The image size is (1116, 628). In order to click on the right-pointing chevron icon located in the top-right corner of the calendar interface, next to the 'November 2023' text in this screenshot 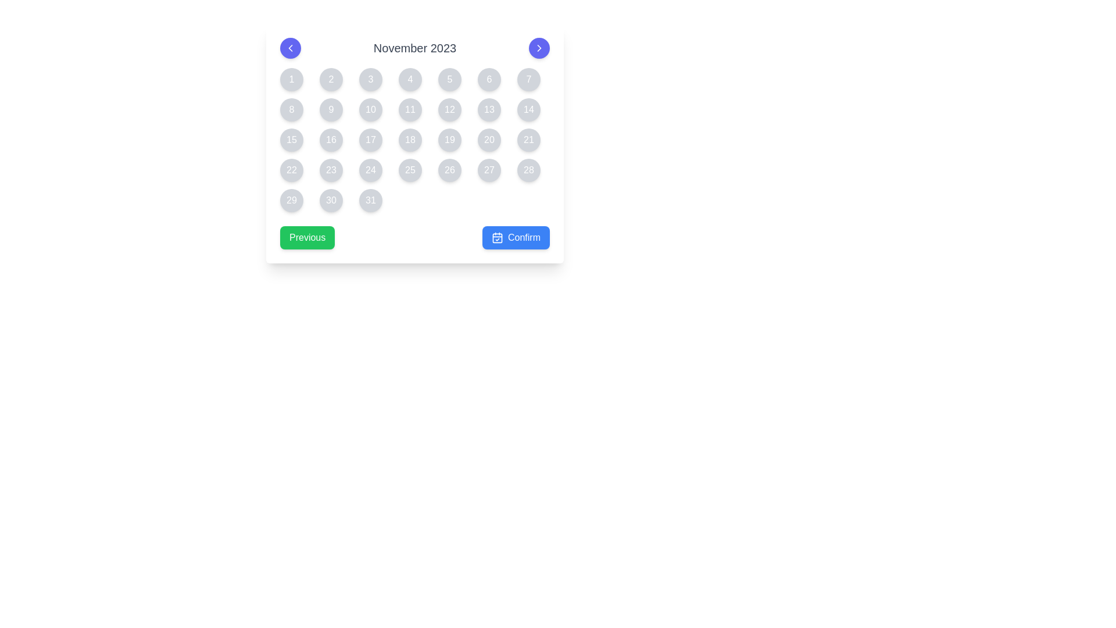, I will do `click(538, 48)`.